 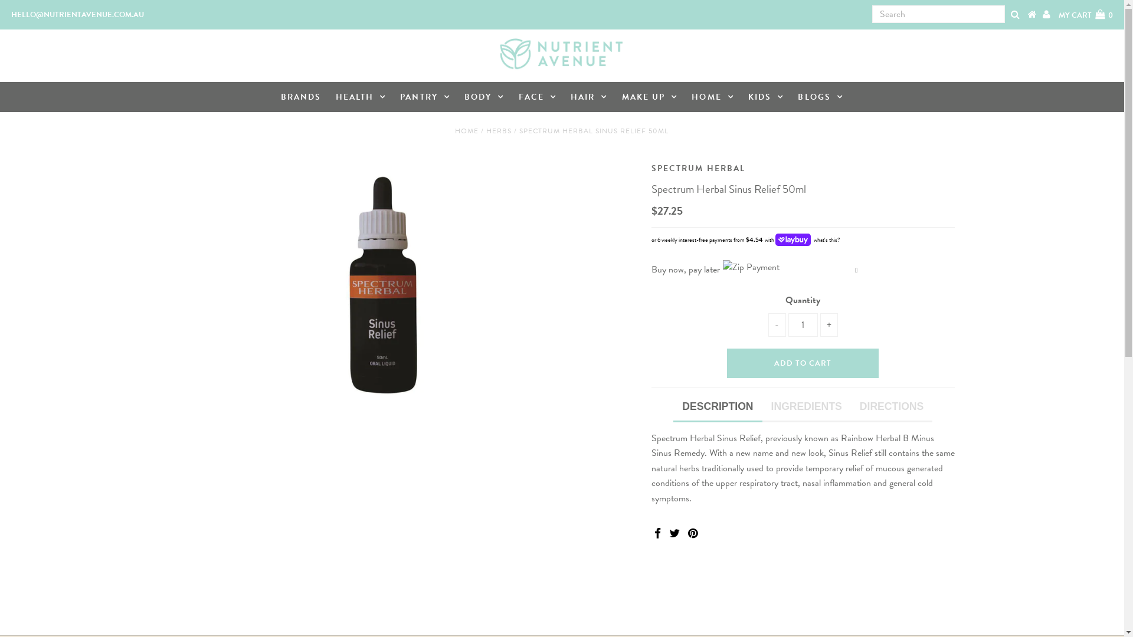 What do you see at coordinates (768, 325) in the screenshot?
I see `'-'` at bounding box center [768, 325].